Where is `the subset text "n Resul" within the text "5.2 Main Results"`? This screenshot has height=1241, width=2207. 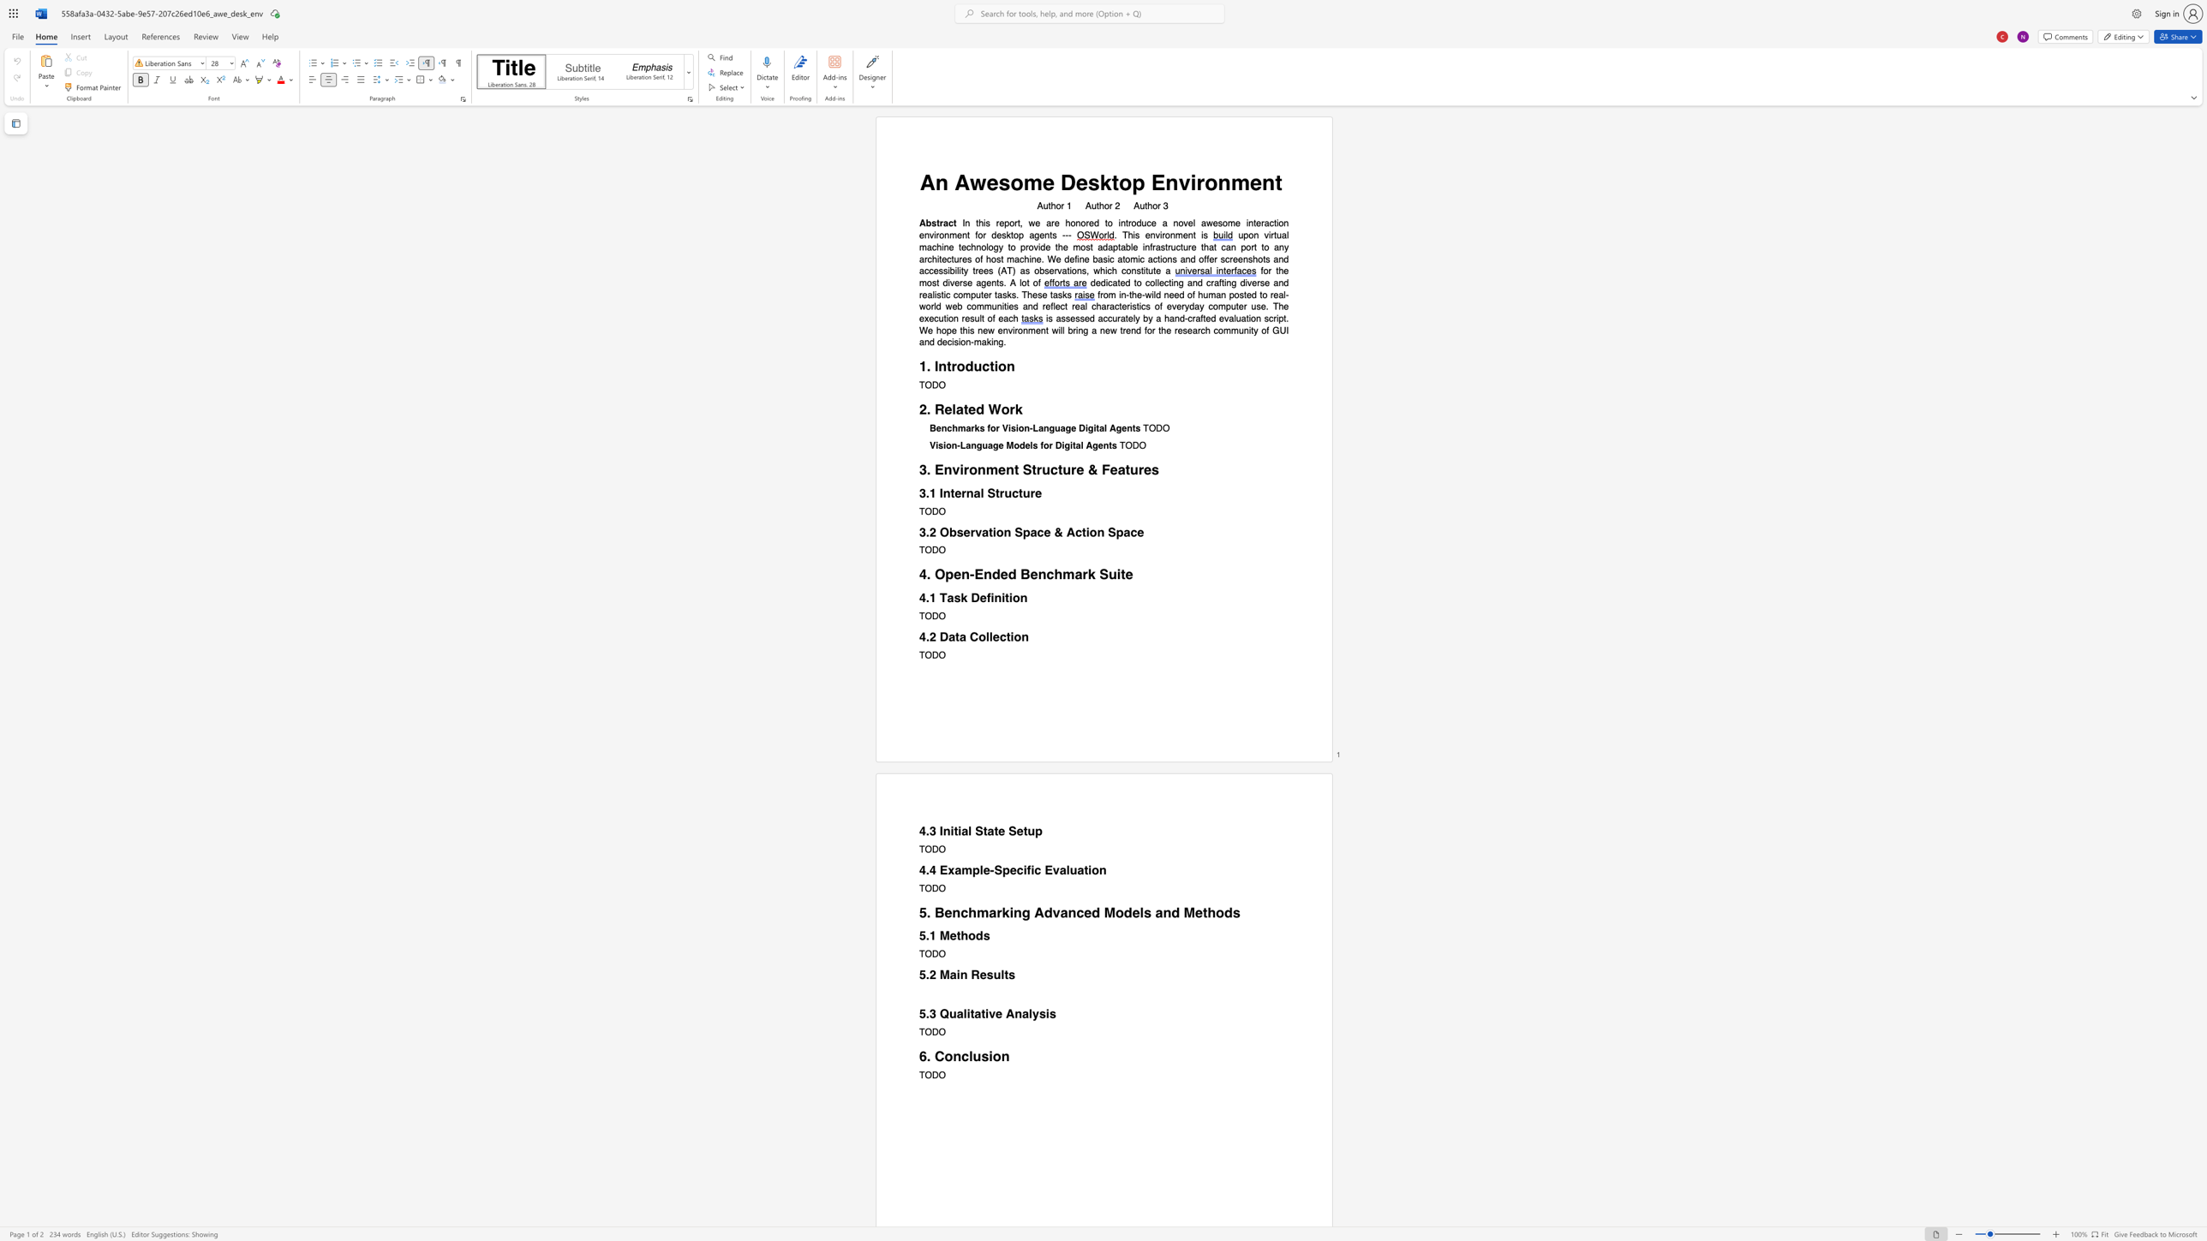 the subset text "n Resul" within the text "5.2 Main Results" is located at coordinates (960, 974).